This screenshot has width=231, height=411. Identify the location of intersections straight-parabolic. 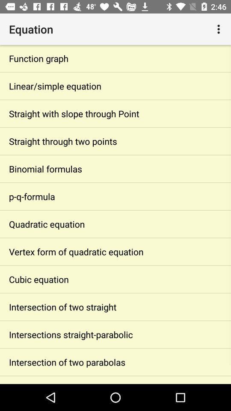
(115, 334).